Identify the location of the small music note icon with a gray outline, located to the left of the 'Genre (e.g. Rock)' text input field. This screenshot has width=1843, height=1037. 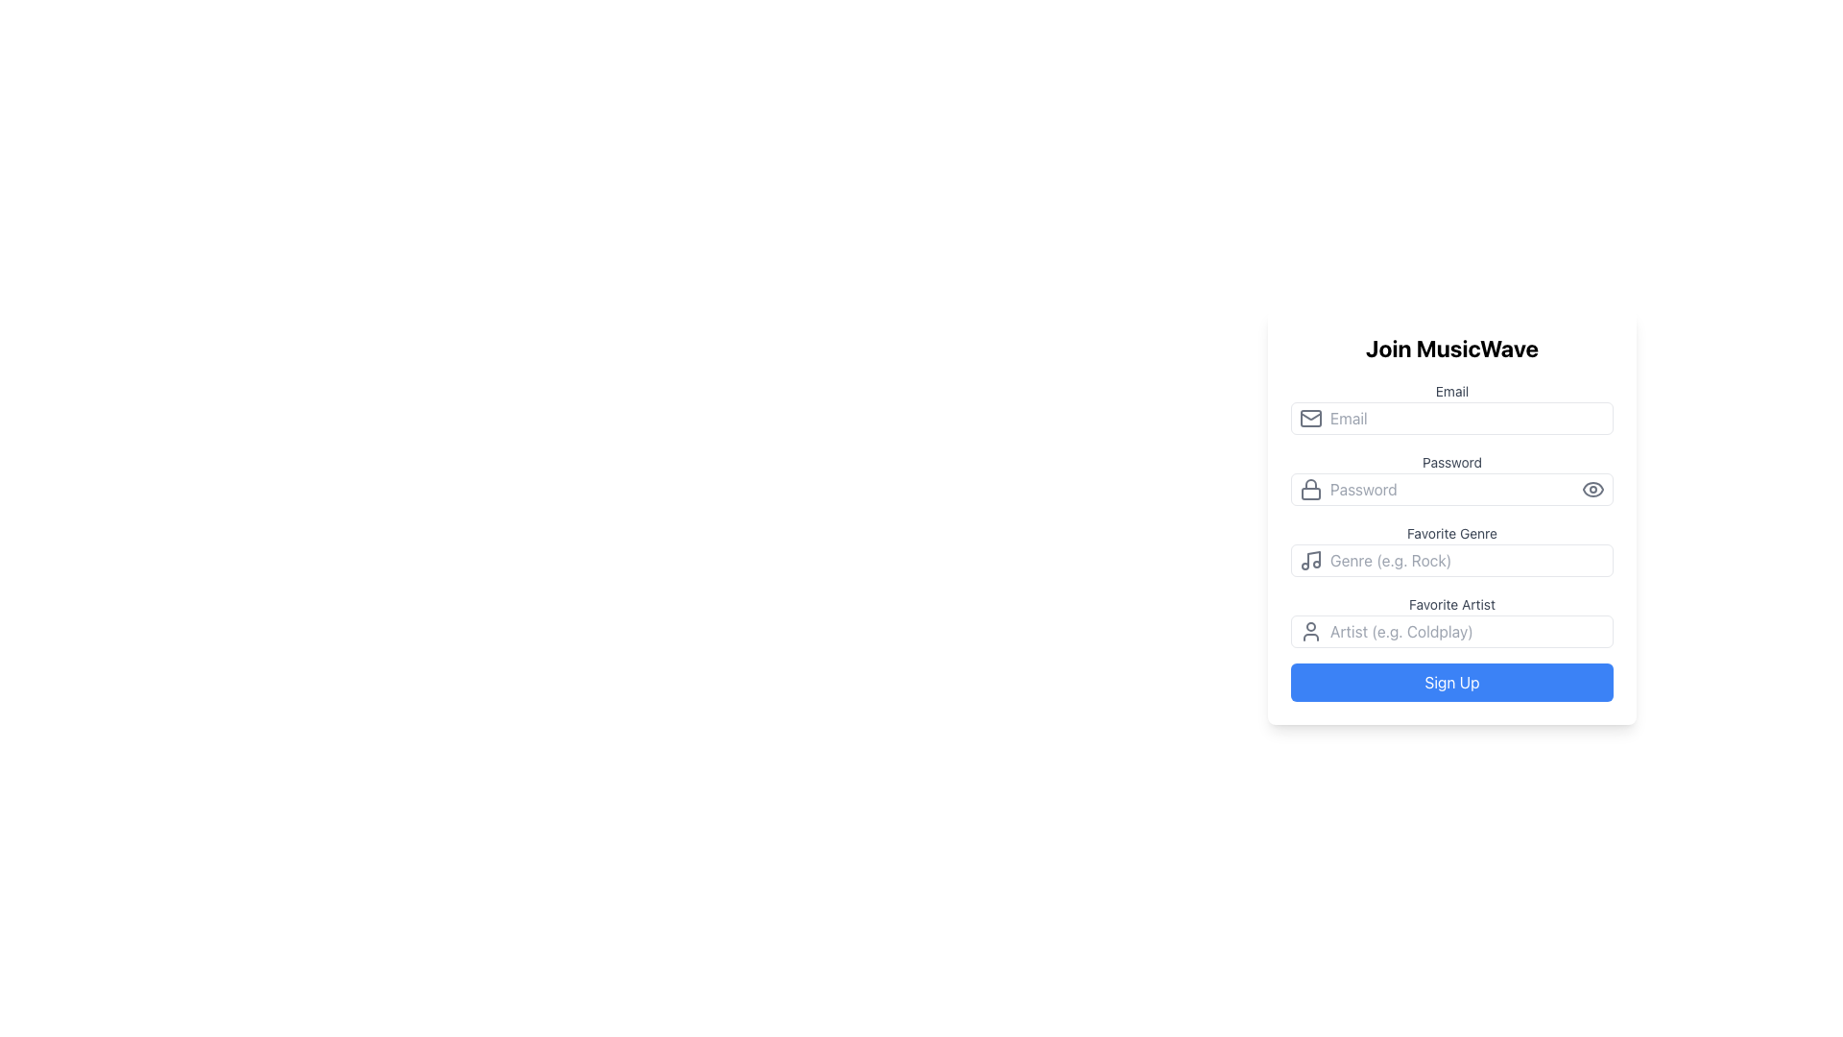
(1310, 560).